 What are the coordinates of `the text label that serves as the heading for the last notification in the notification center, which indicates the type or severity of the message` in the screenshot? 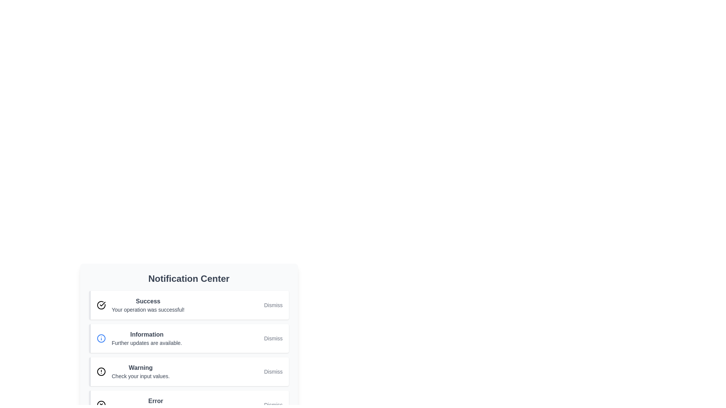 It's located at (155, 400).